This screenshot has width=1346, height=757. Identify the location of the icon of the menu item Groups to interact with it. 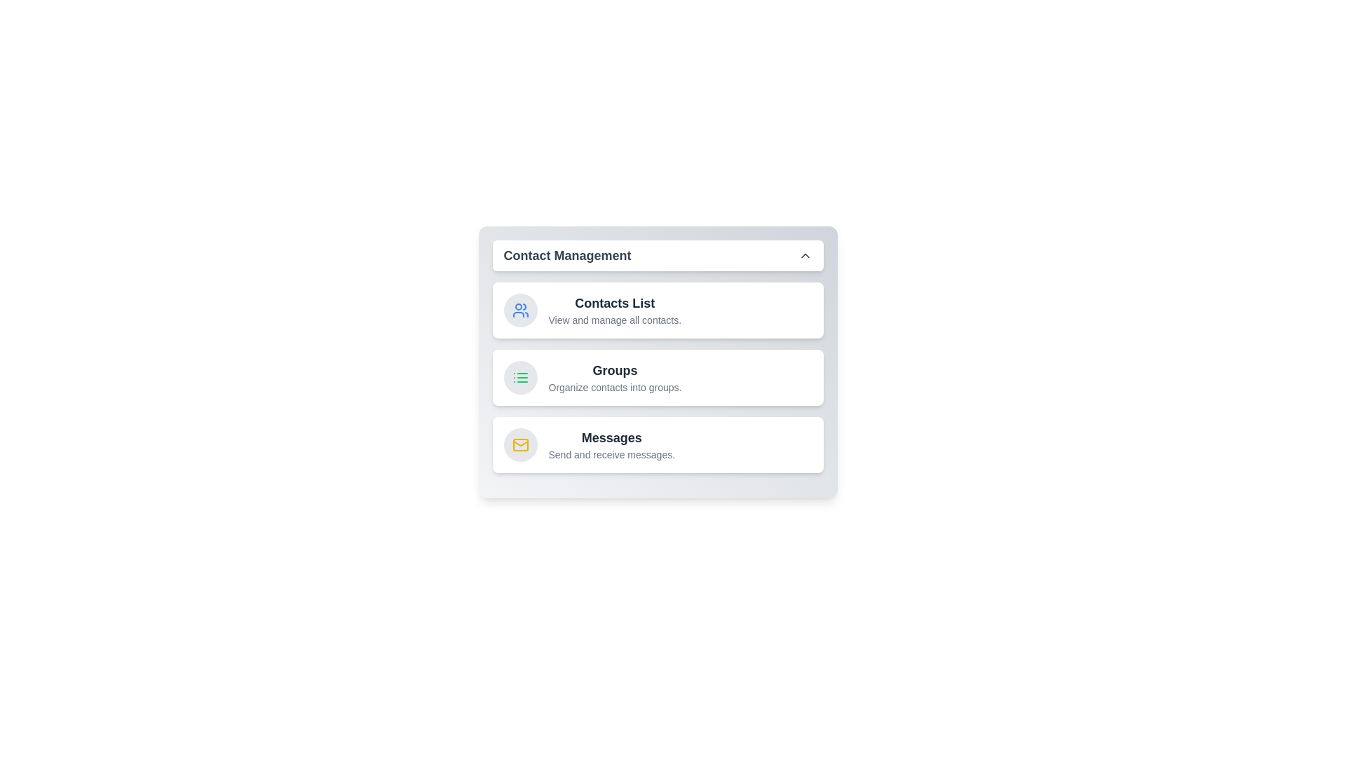
(519, 377).